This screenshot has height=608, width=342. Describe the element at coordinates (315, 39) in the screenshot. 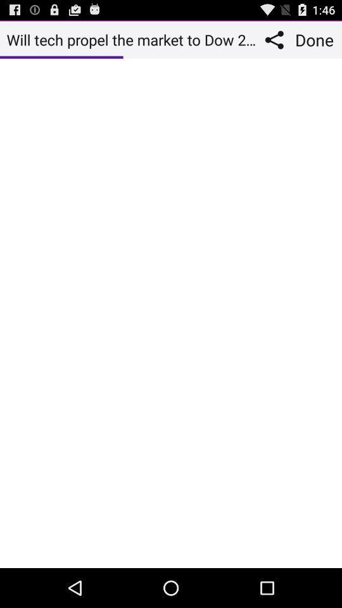

I see `done app` at that location.